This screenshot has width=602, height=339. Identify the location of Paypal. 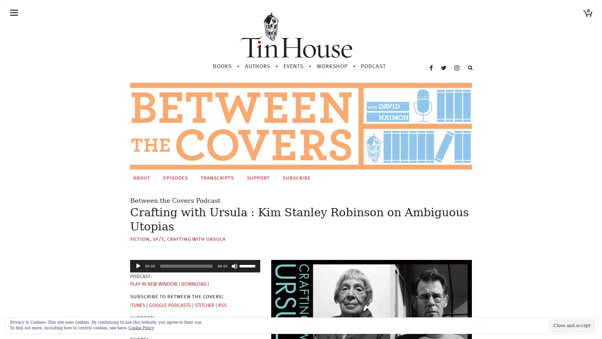
(161, 326).